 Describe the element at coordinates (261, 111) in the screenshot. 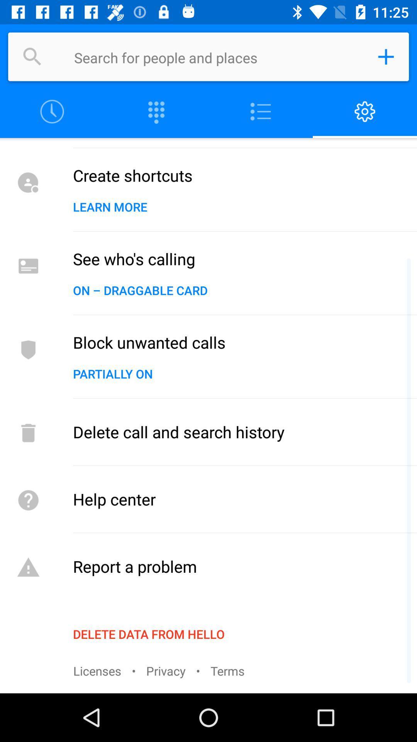

I see `column` at that location.